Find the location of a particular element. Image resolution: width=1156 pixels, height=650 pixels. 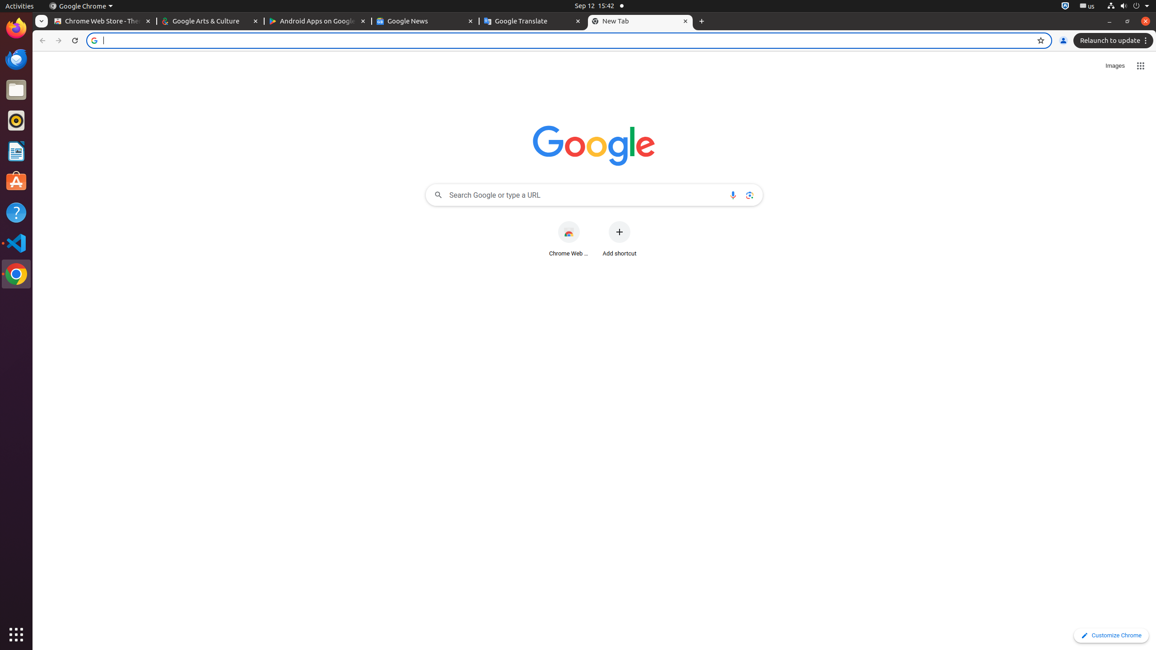

'Add shortcut' is located at coordinates (619, 239).